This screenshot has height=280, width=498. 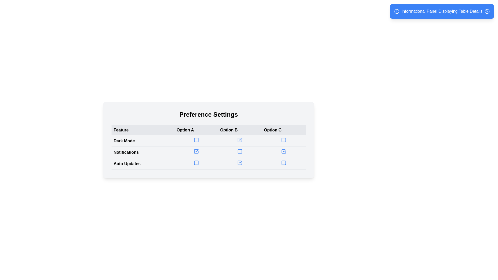 I want to click on the section represented, so click(x=209, y=114).